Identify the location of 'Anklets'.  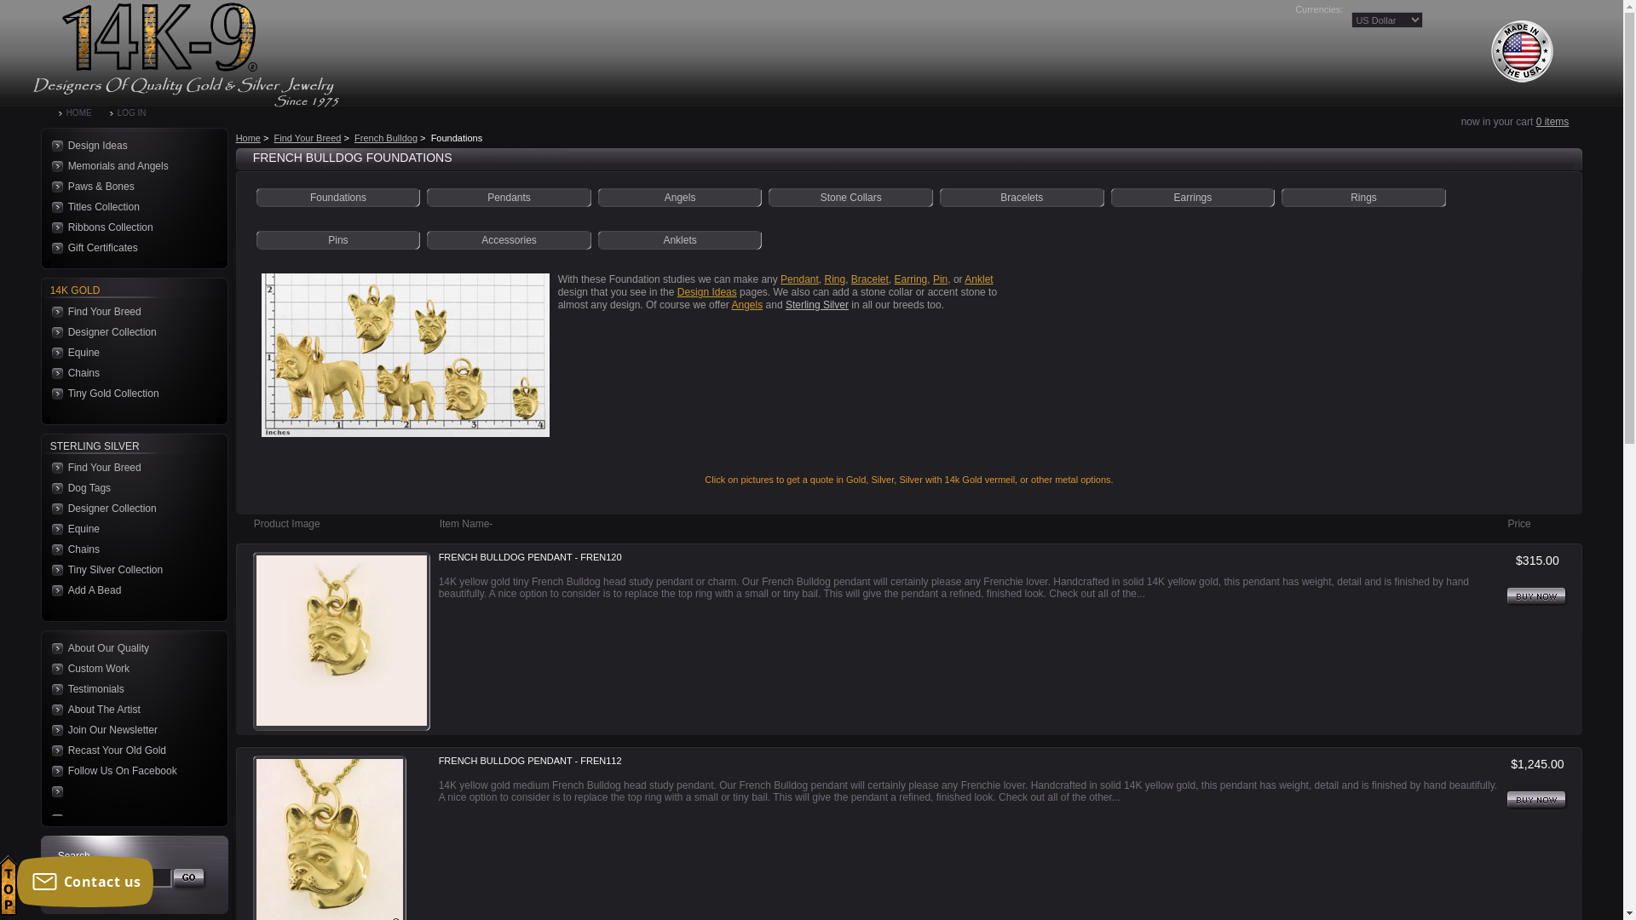
(678, 239).